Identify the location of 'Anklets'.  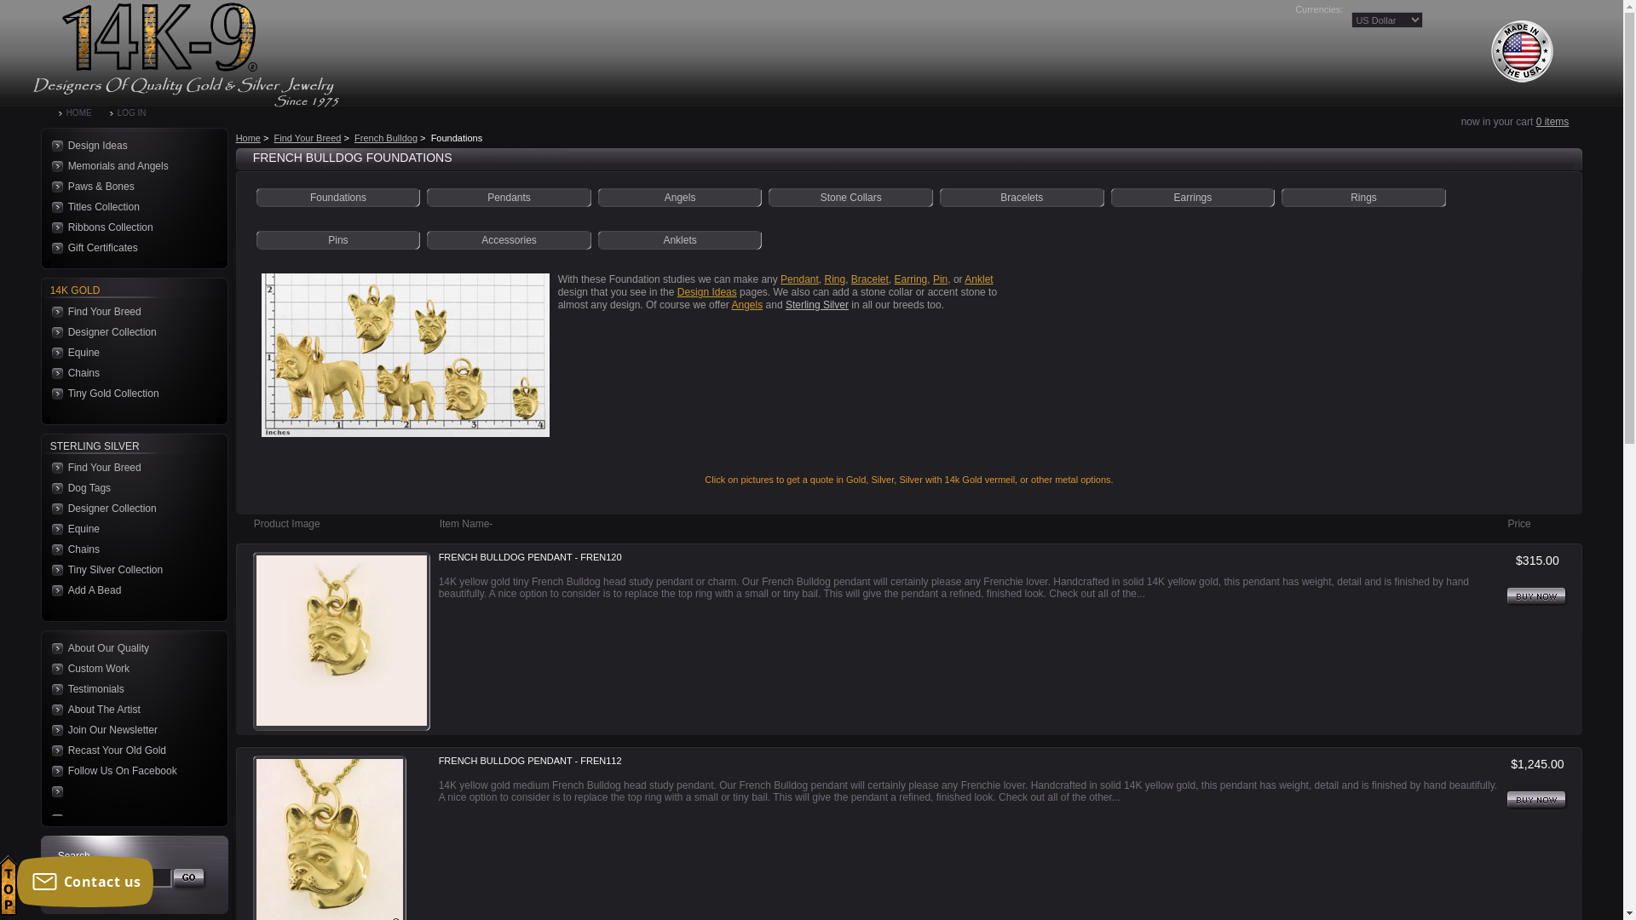
(678, 239).